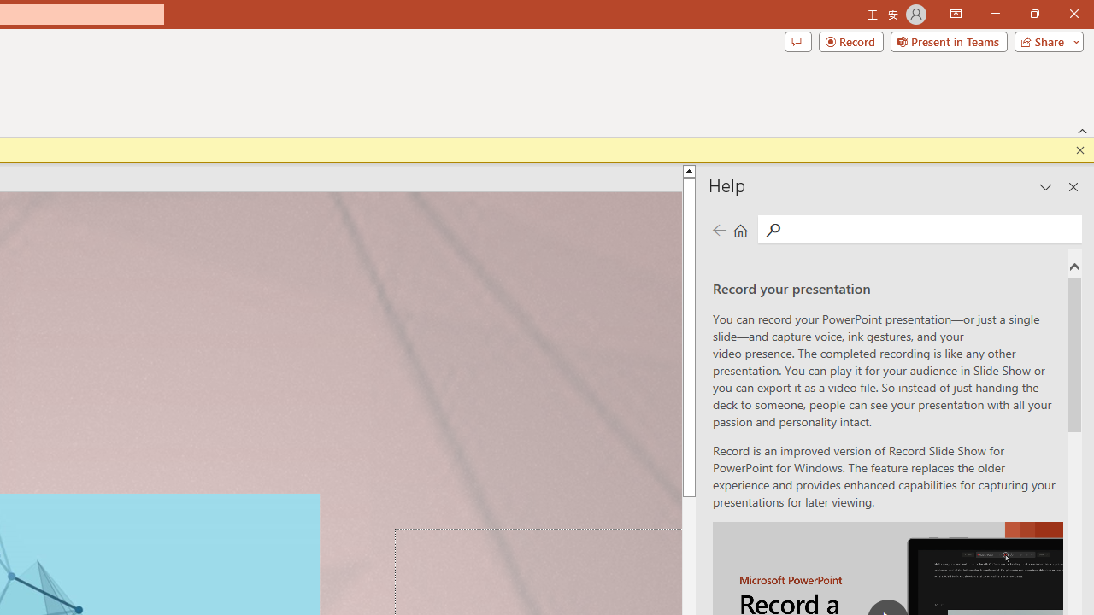  I want to click on 'Previous page', so click(719, 229).